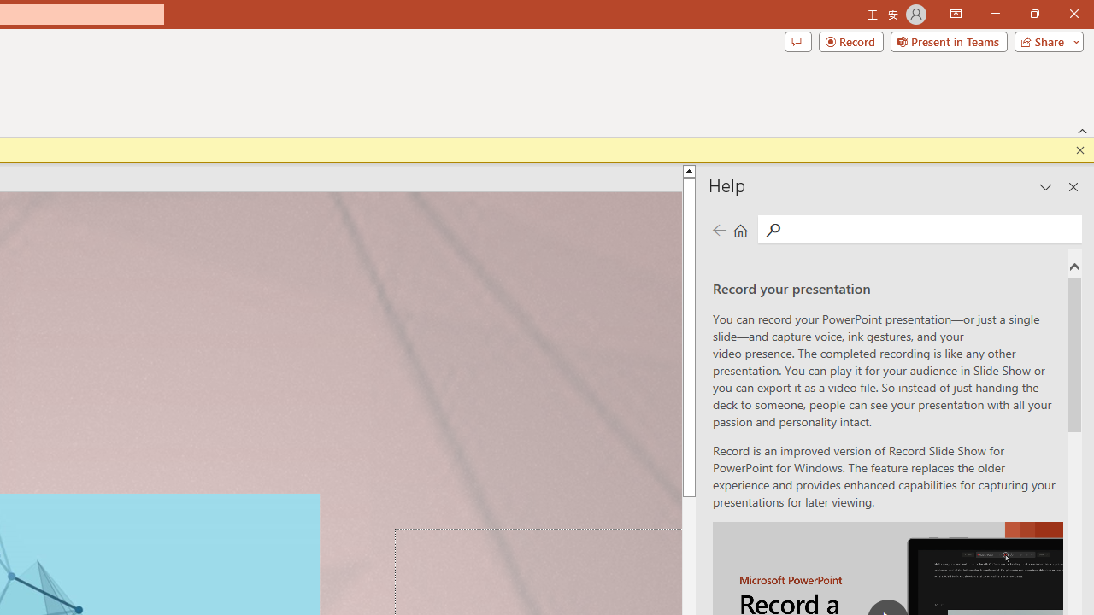  I want to click on 'Previous page', so click(719, 229).